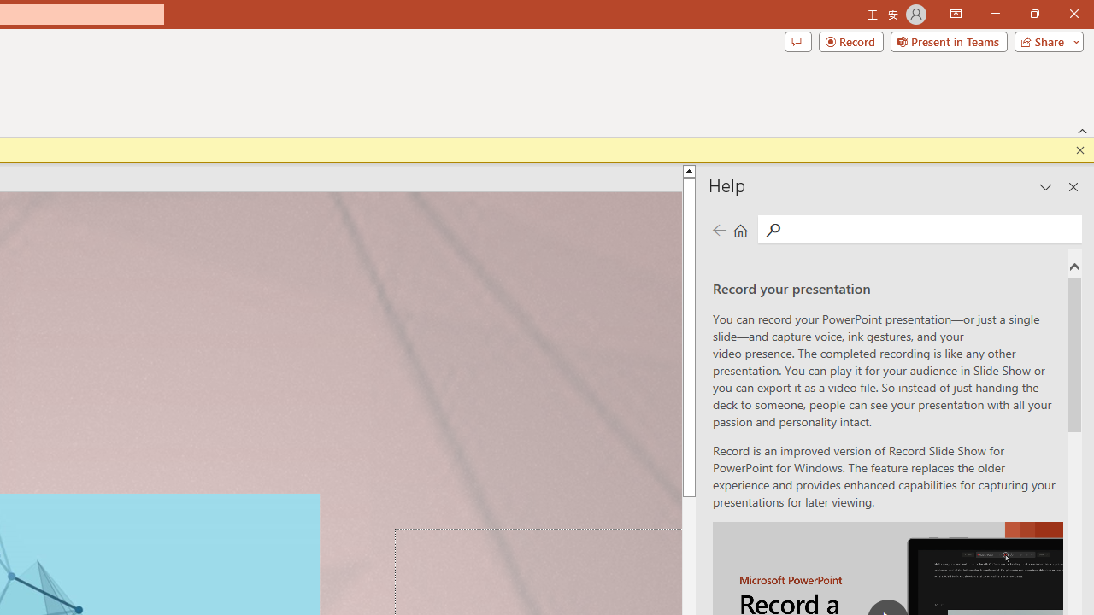  I want to click on 'Previous page', so click(719, 229).